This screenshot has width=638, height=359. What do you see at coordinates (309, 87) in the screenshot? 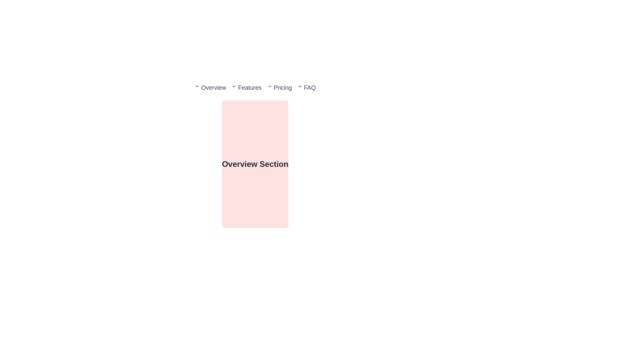
I see `the rightmost text label that serves as a link` at bounding box center [309, 87].